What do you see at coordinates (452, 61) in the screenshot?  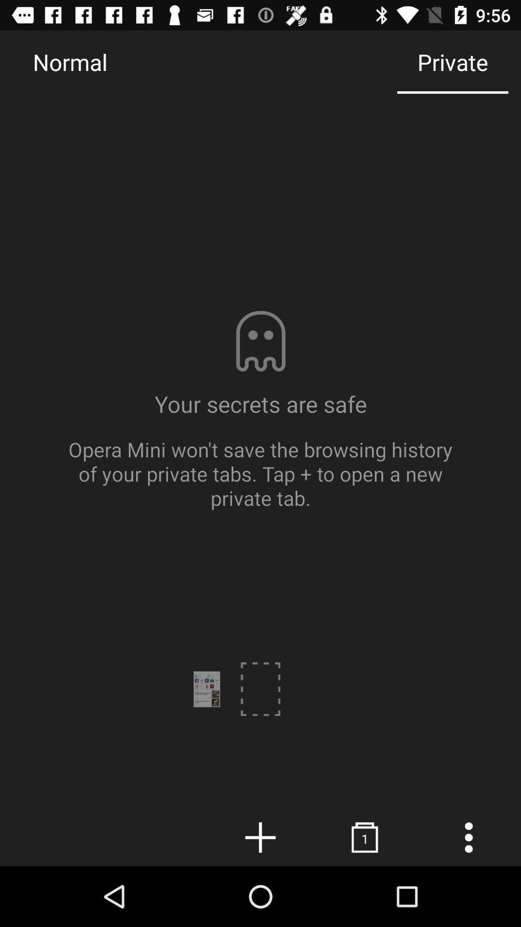 I see `icon to the right of the normal item` at bounding box center [452, 61].